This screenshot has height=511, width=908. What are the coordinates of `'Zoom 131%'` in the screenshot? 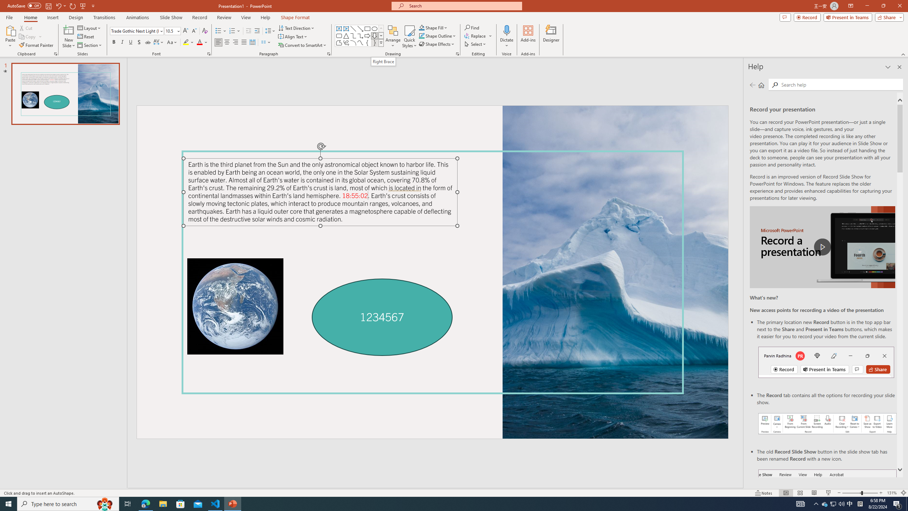 It's located at (892, 493).